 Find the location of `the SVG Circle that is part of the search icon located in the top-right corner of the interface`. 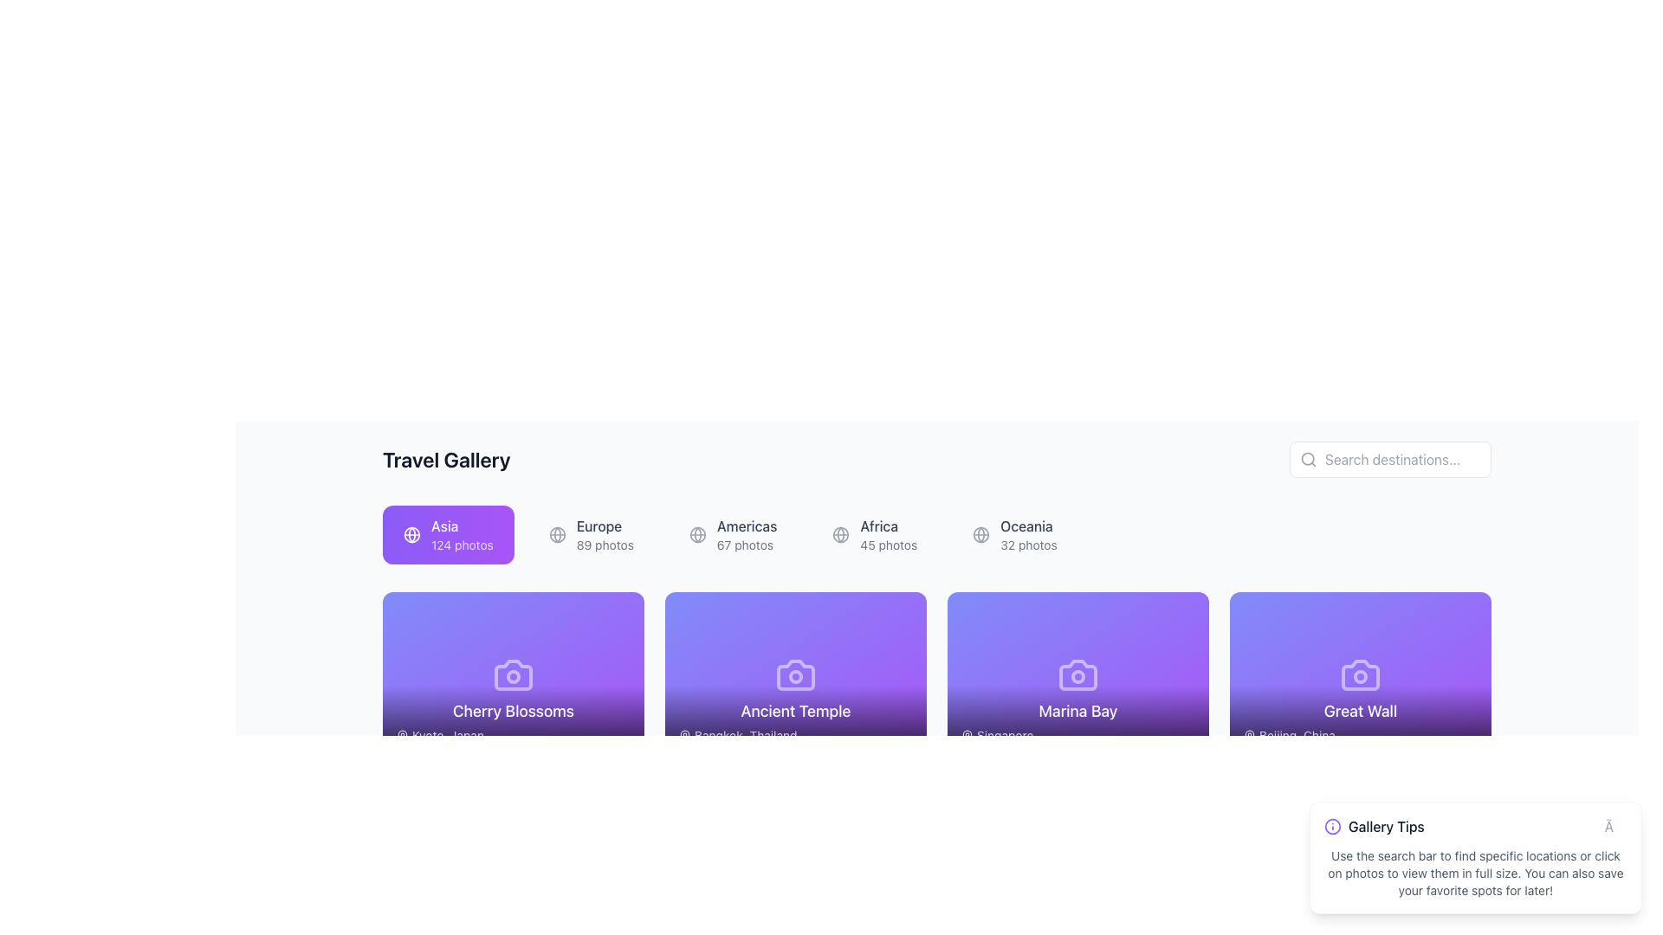

the SVG Circle that is part of the search icon located in the top-right corner of the interface is located at coordinates (1308, 458).